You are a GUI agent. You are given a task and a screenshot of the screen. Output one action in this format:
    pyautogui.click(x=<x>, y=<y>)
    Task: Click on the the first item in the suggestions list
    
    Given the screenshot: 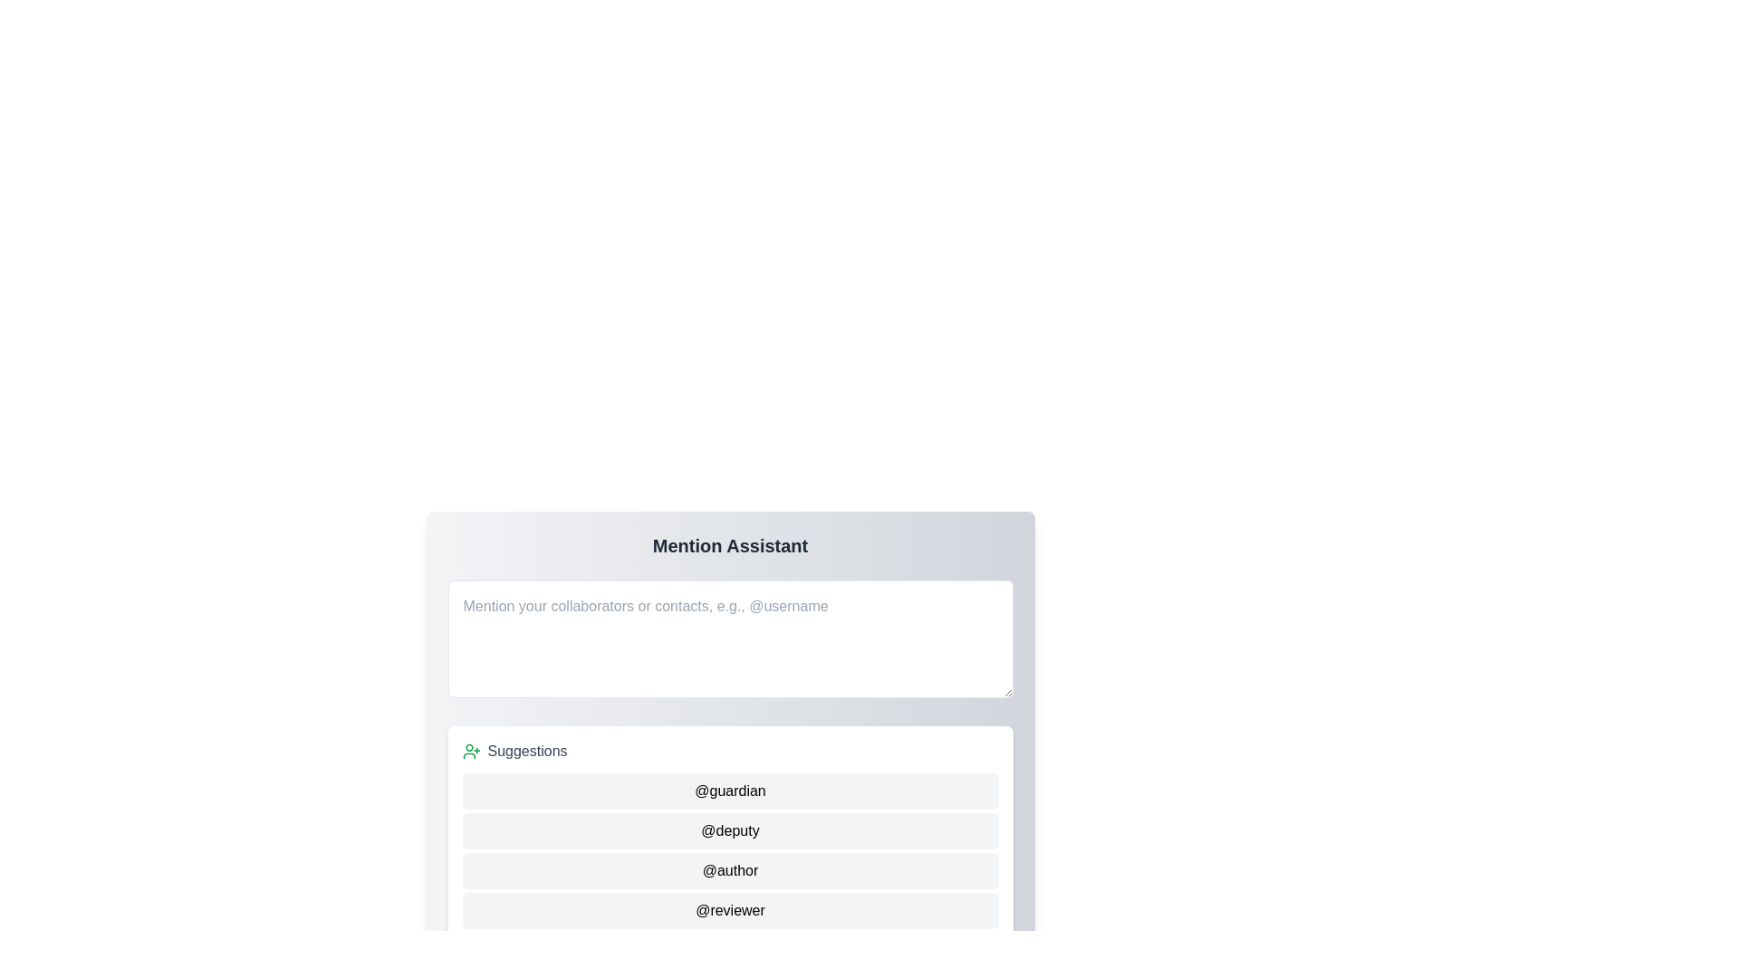 What is the action you would take?
    pyautogui.click(x=730, y=791)
    